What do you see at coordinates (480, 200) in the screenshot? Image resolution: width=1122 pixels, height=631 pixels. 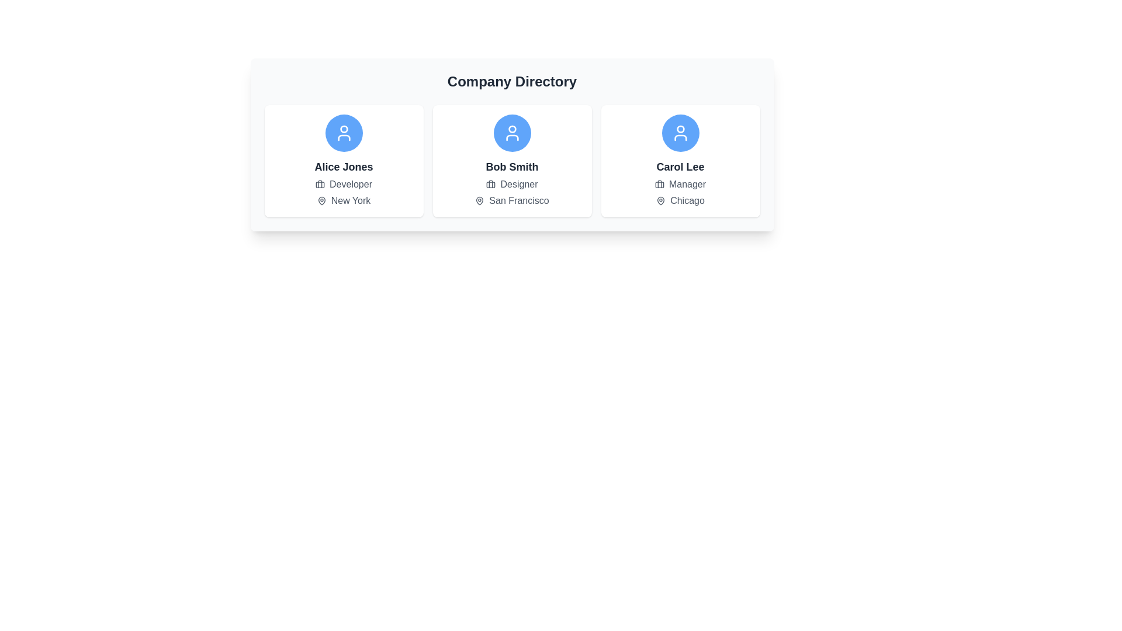 I see `the pin icon located in the middle card labeled 'Bob Smith' below the 'Designer' label, which is adjacent to the text 'San Francisco.'` at bounding box center [480, 200].